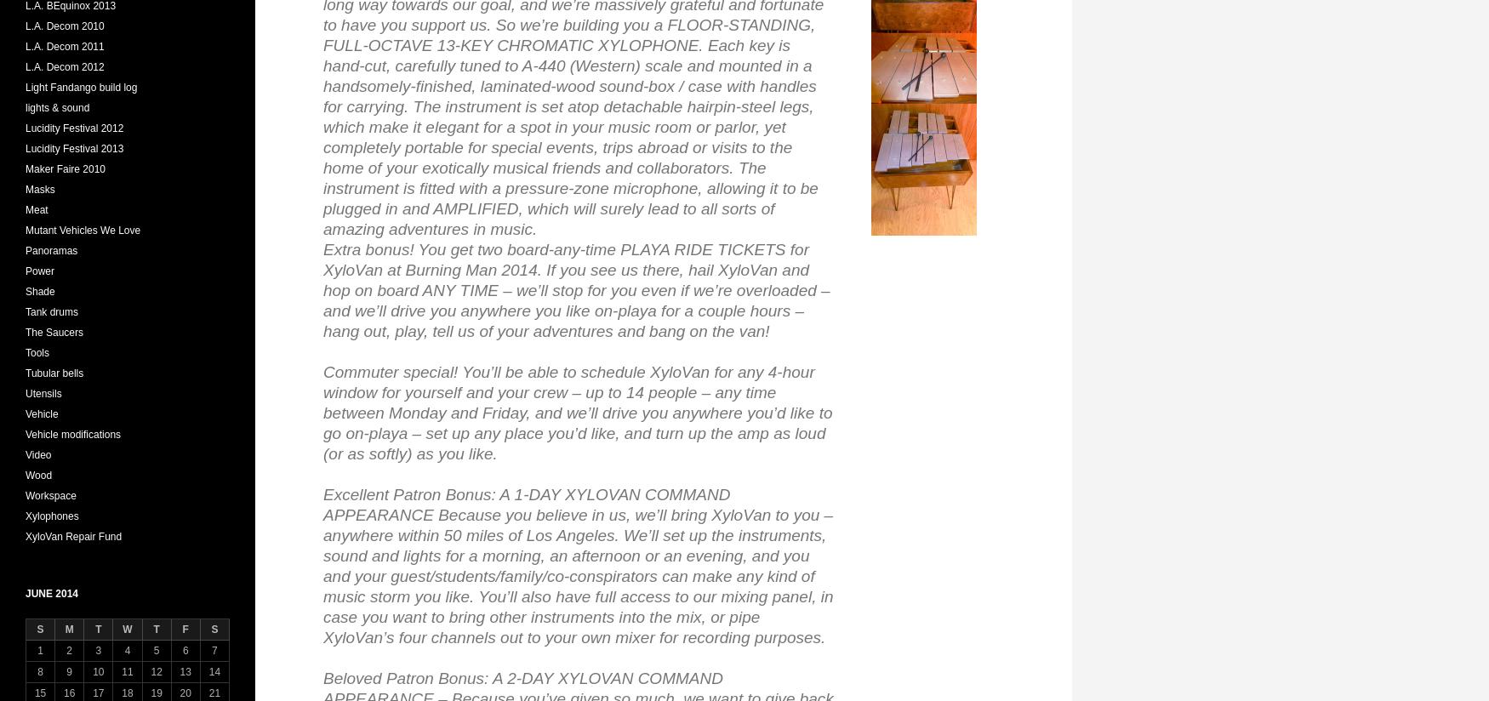  What do you see at coordinates (24, 25) in the screenshot?
I see `'L.A. Decom 2010'` at bounding box center [24, 25].